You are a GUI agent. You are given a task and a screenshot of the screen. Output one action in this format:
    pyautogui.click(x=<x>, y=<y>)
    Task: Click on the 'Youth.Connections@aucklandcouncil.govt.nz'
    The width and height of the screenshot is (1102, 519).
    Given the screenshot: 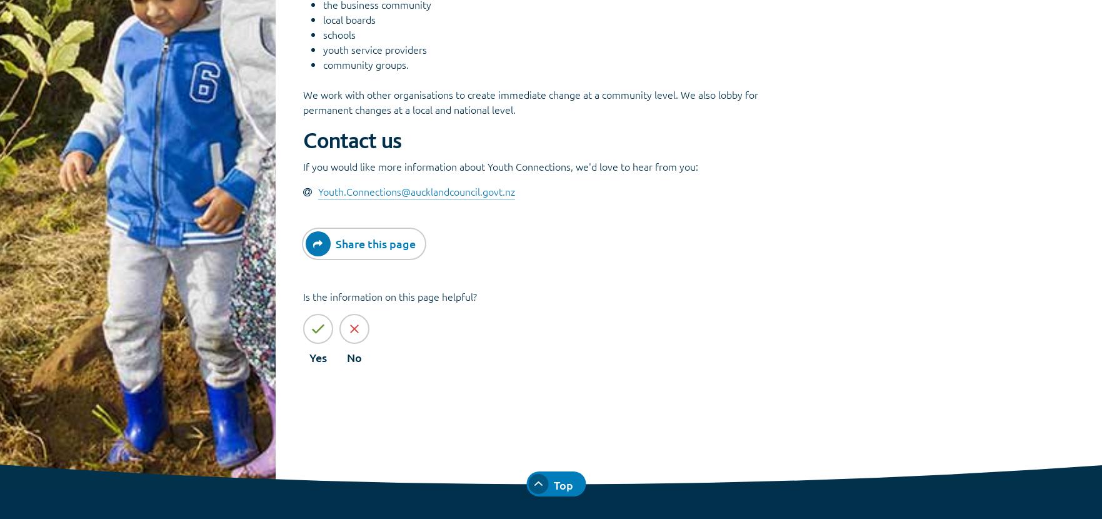 What is the action you would take?
    pyautogui.click(x=416, y=191)
    